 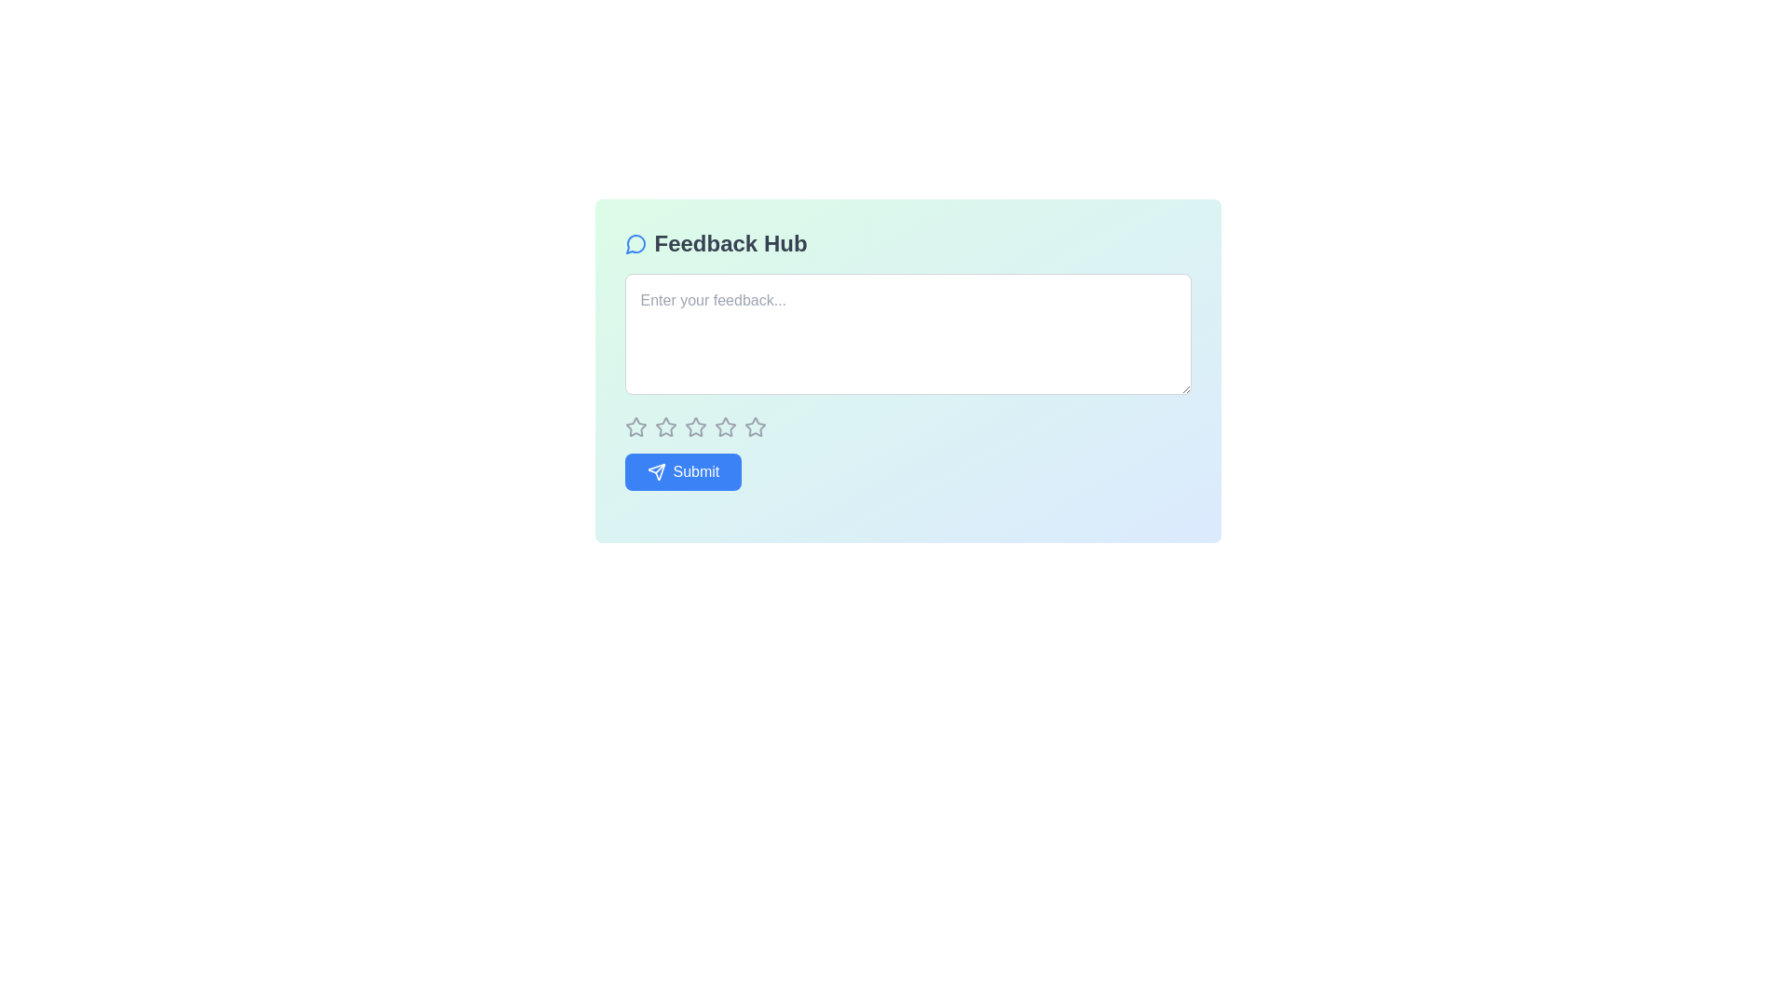 I want to click on the second star icon in the star rating system located centrally beneath the feedback text box, so click(x=665, y=427).